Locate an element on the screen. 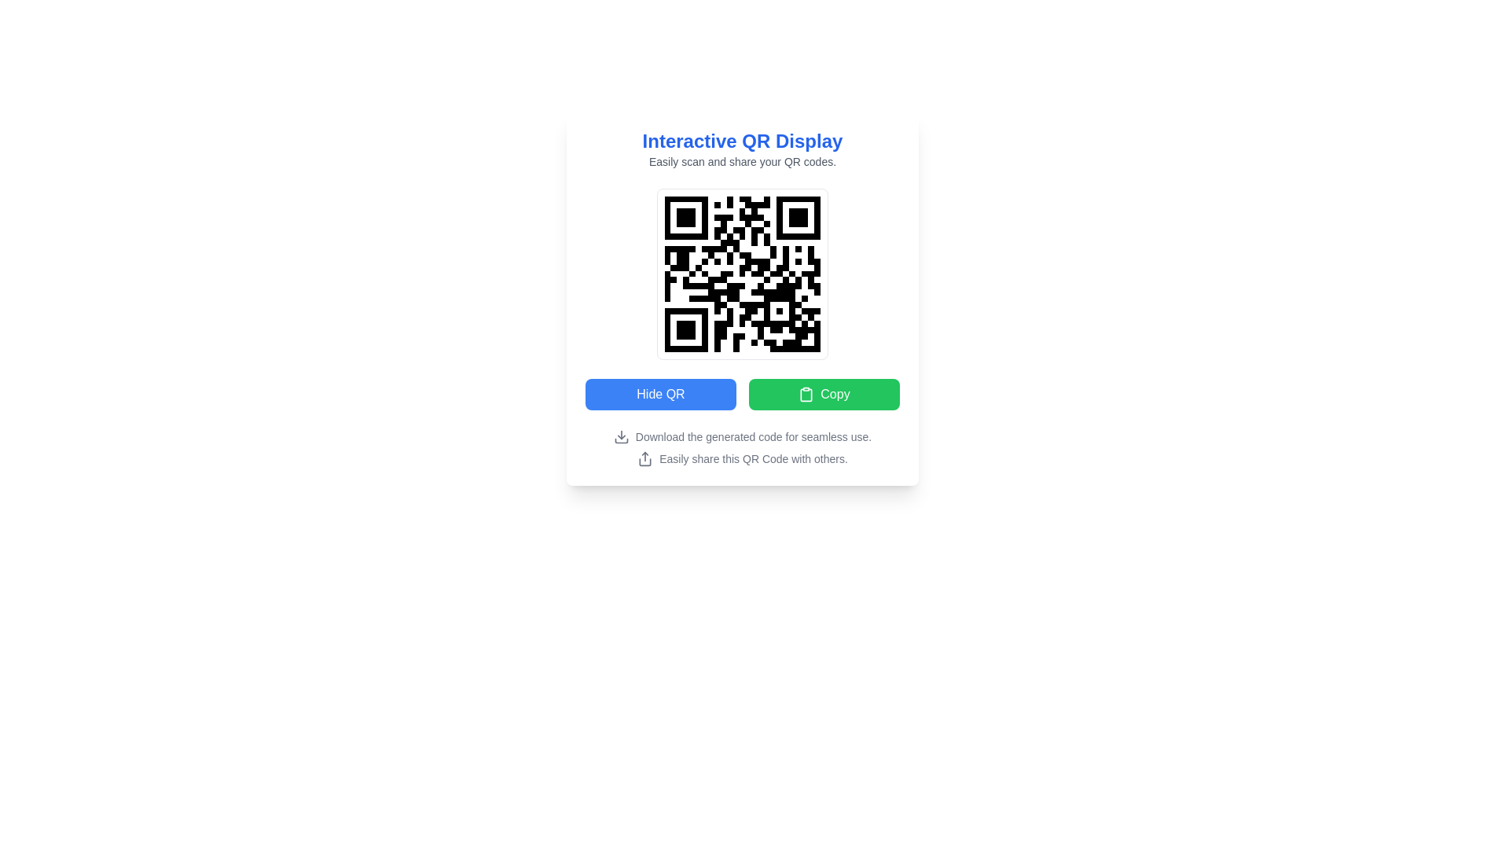 Image resolution: width=1509 pixels, height=849 pixels. the share icon, which is an upward-pointing arrow within a rectangular base, located to the left of the text 'Easily share this QR Code with others.' is located at coordinates (645, 458).